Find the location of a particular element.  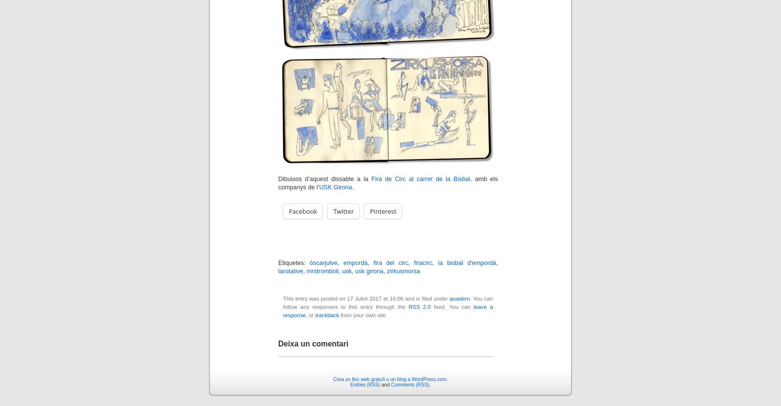

'Twitter' is located at coordinates (343, 211).